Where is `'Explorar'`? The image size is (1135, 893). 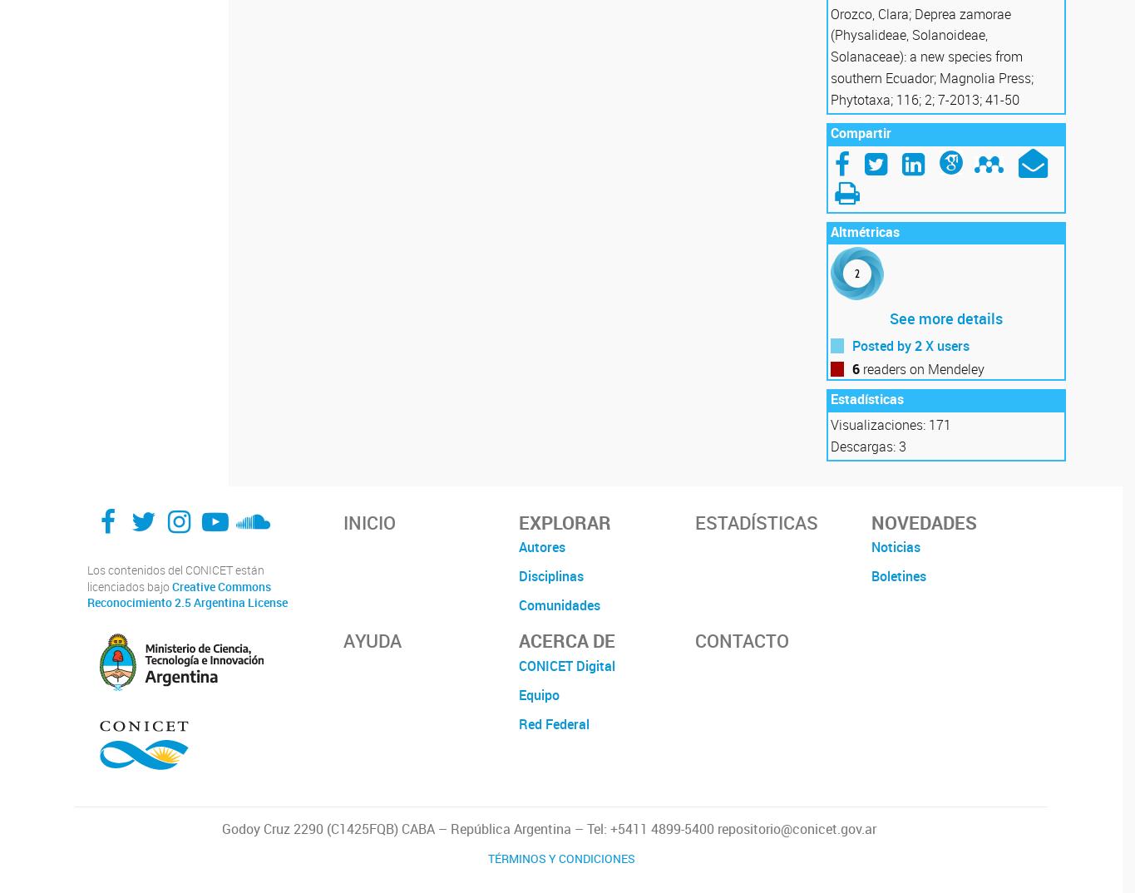 'Explorar' is located at coordinates (565, 521).